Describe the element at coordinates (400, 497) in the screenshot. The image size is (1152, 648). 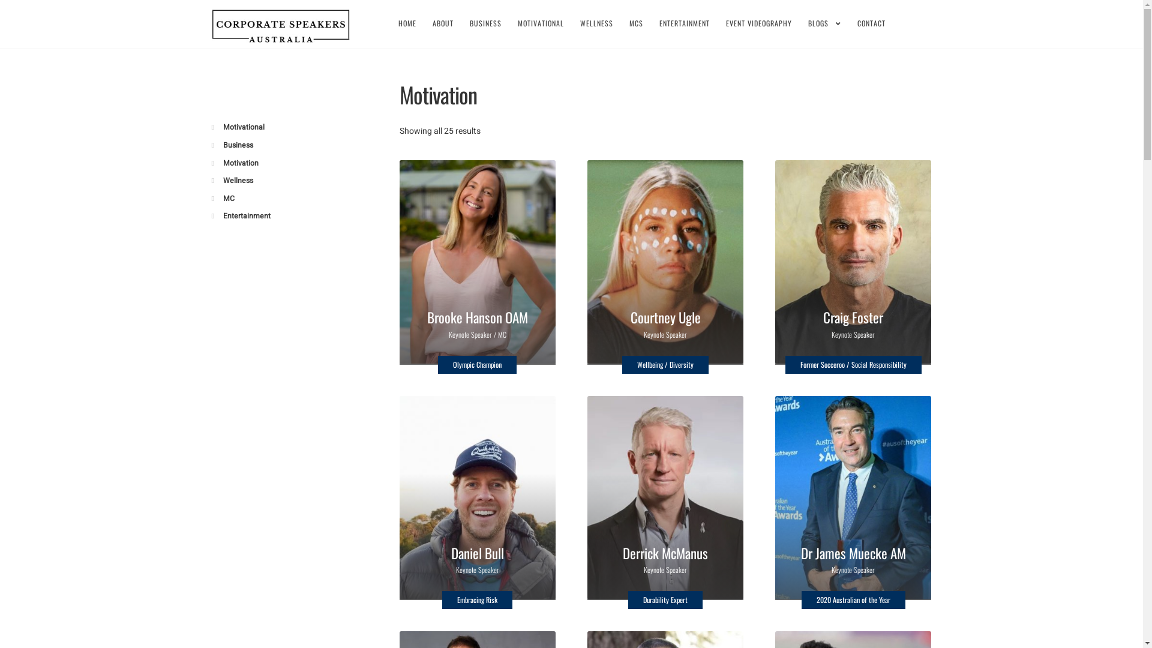
I see `'Daniel Bull` at that location.